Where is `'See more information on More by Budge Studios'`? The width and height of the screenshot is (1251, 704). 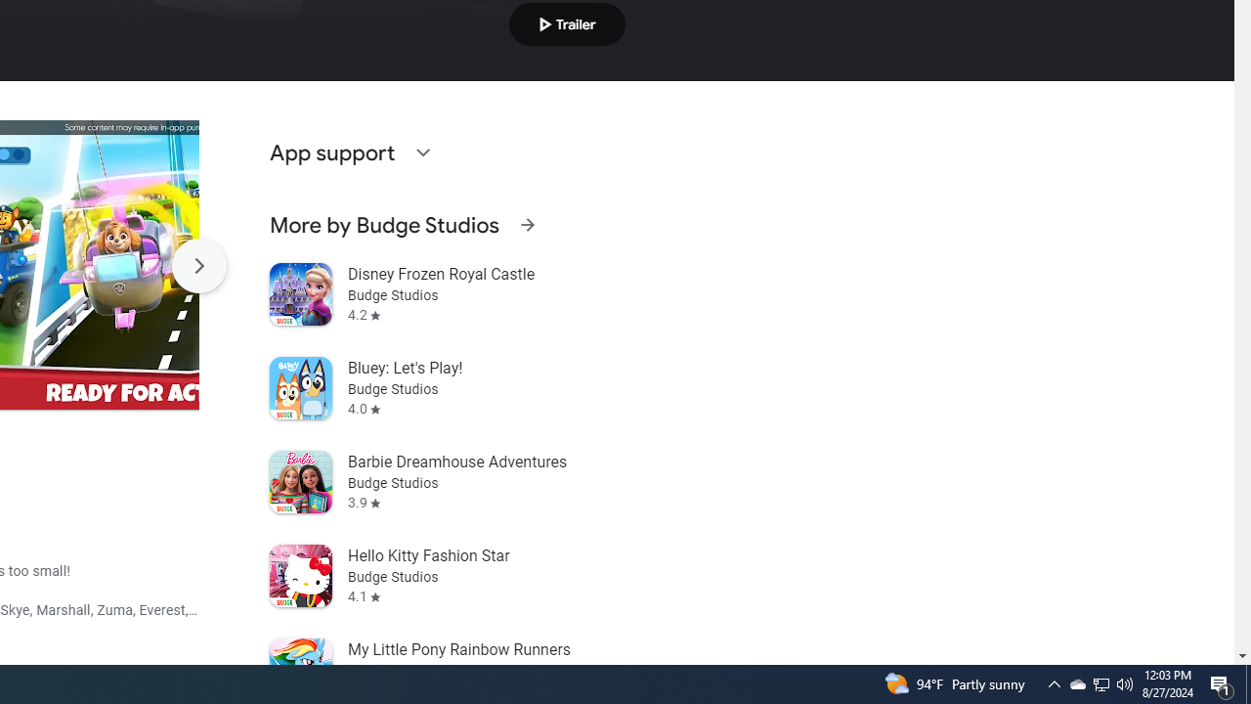
'See more information on More by Budge Studios' is located at coordinates (527, 224).